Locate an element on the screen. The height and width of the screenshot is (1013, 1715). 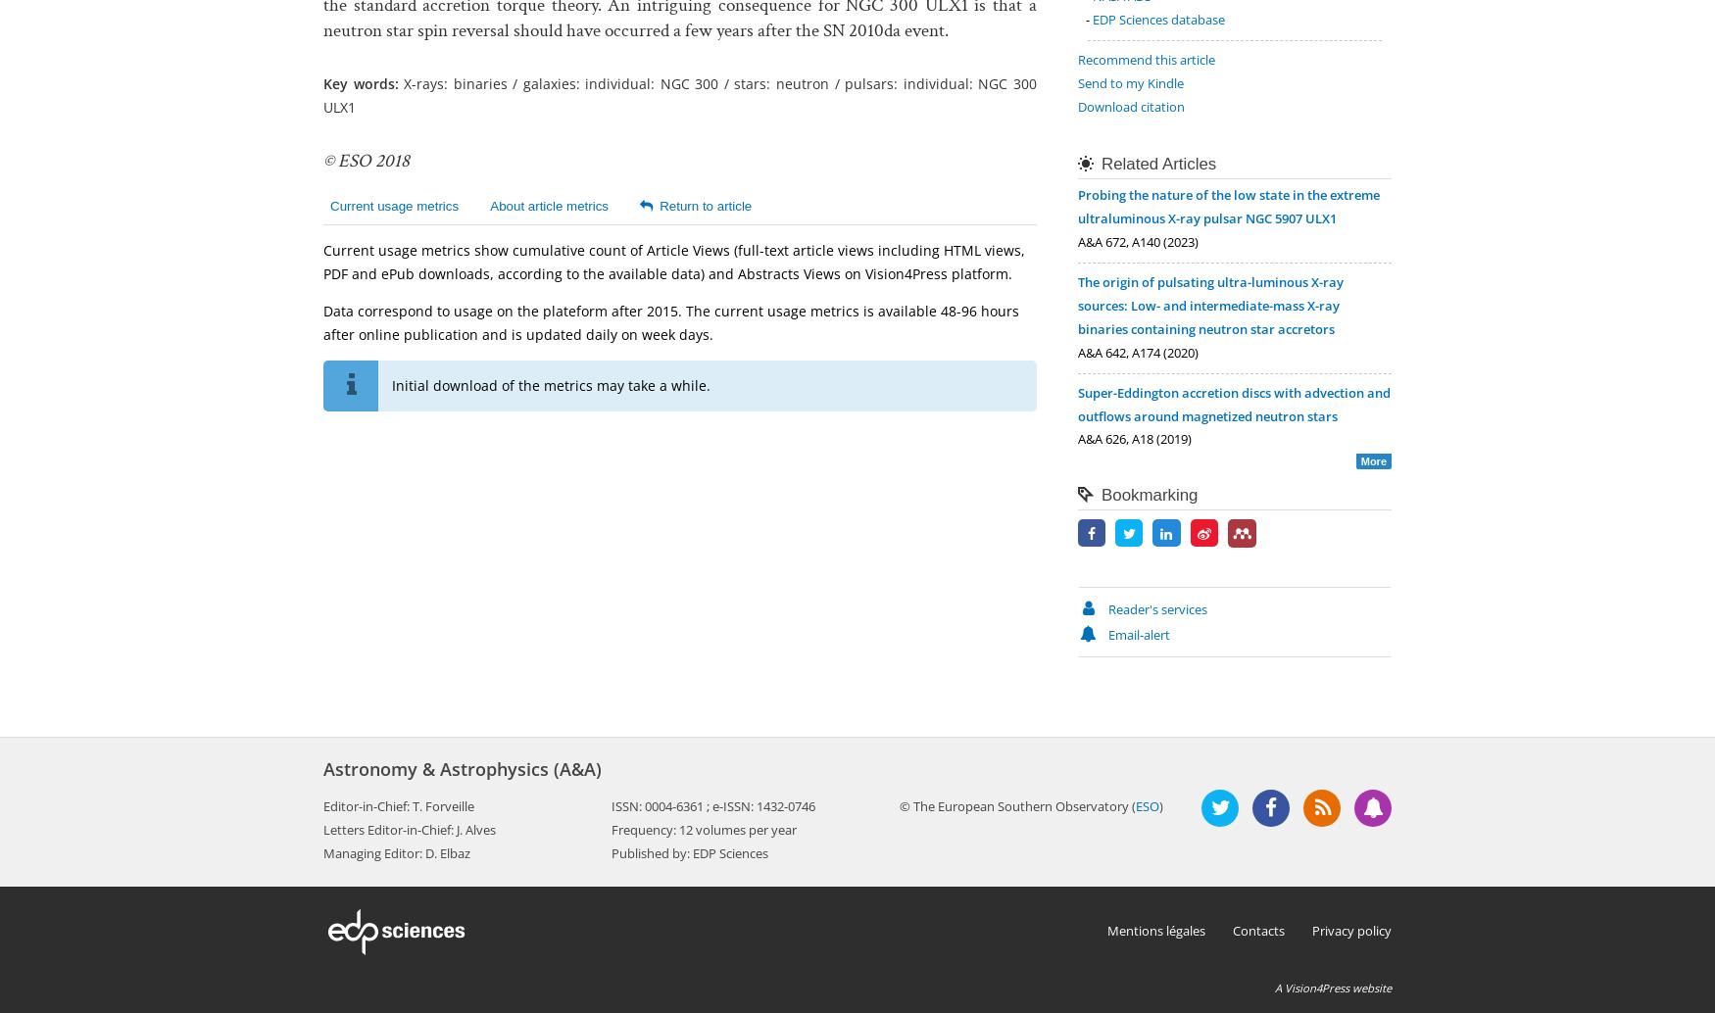
'Mentions légales' is located at coordinates (1153, 929).